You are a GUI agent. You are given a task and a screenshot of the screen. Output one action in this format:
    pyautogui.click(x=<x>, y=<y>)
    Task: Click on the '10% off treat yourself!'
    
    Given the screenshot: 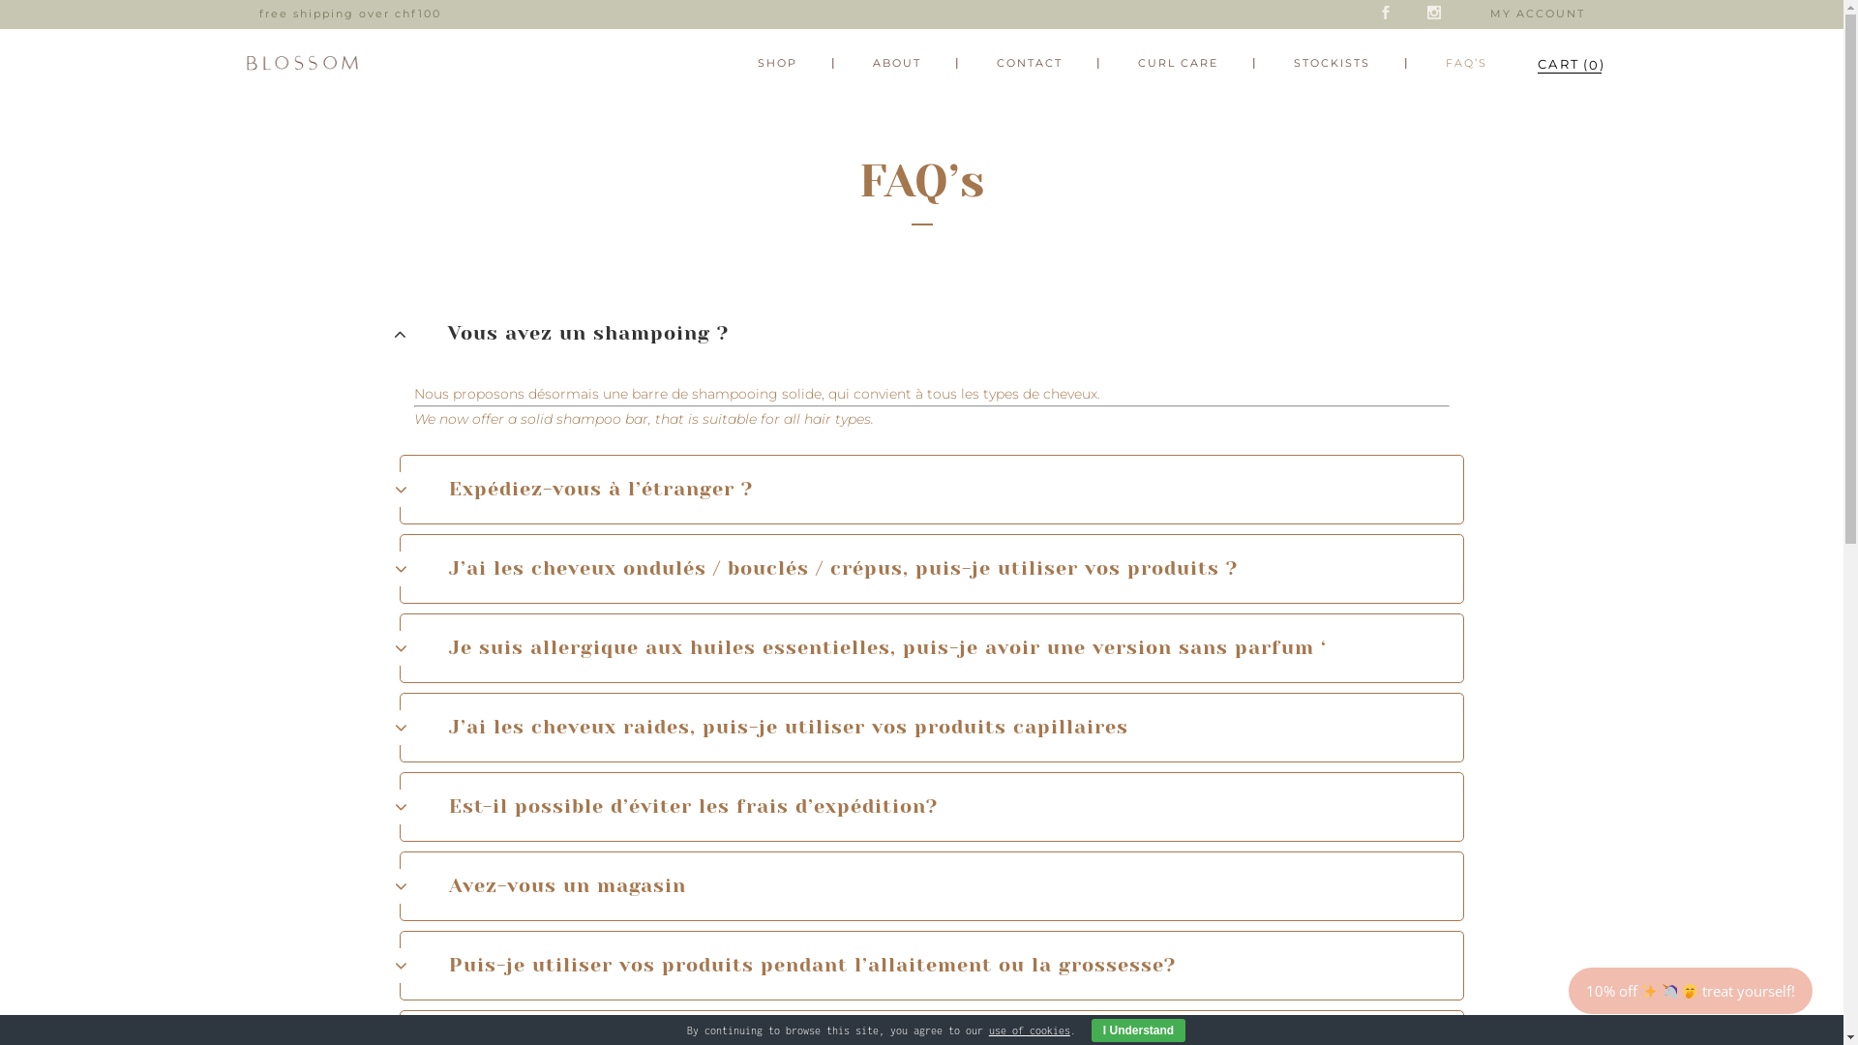 What is the action you would take?
    pyautogui.click(x=1570, y=990)
    